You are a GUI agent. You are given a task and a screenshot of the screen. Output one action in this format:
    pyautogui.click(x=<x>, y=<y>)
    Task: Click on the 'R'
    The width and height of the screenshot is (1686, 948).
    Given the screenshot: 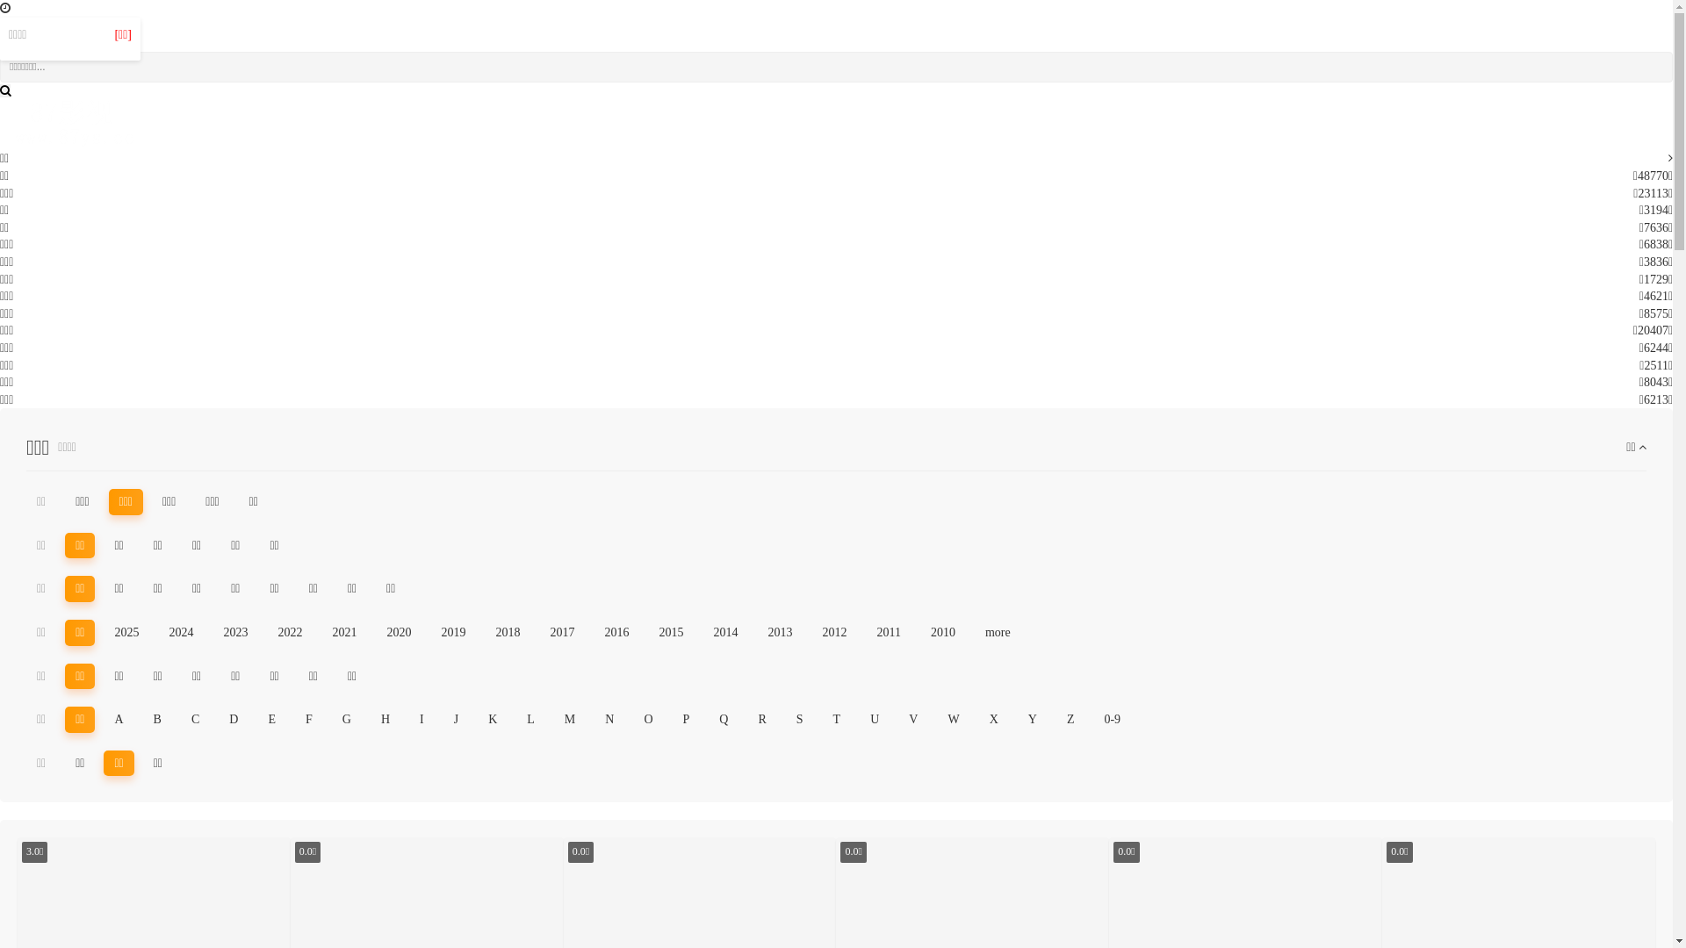 What is the action you would take?
    pyautogui.click(x=761, y=720)
    